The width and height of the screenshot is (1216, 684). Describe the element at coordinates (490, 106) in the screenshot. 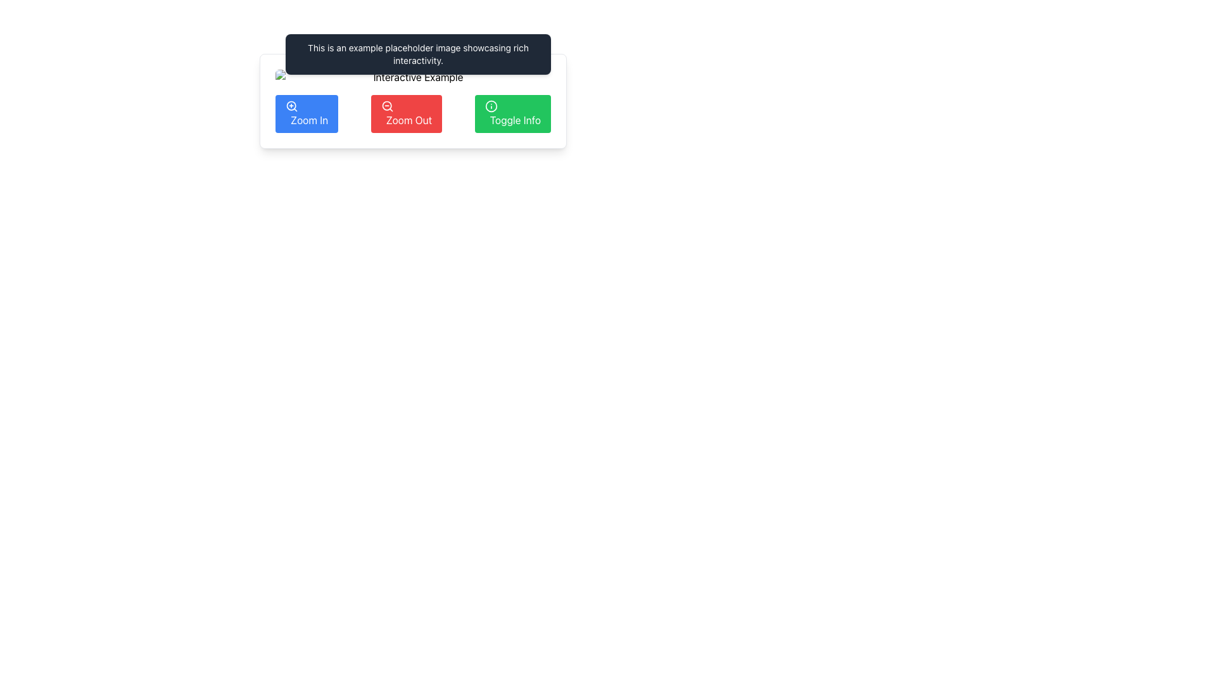

I see `the icon located within the green 'Toggle Info' button, positioned towards its left segment` at that location.